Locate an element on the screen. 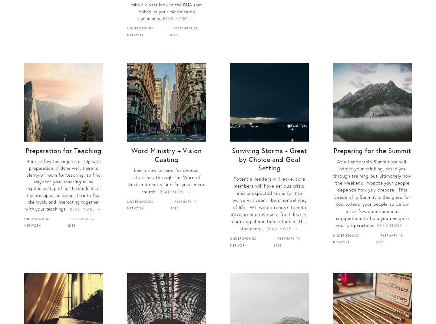  'Potential leaders will leave, core members will have serious crisis, and unexpected turns for the worse will seem like a normal way of life.  Will we be ready? To help develop and give us a fresh look at enduring chaos take a look at this document.' is located at coordinates (230, 203).